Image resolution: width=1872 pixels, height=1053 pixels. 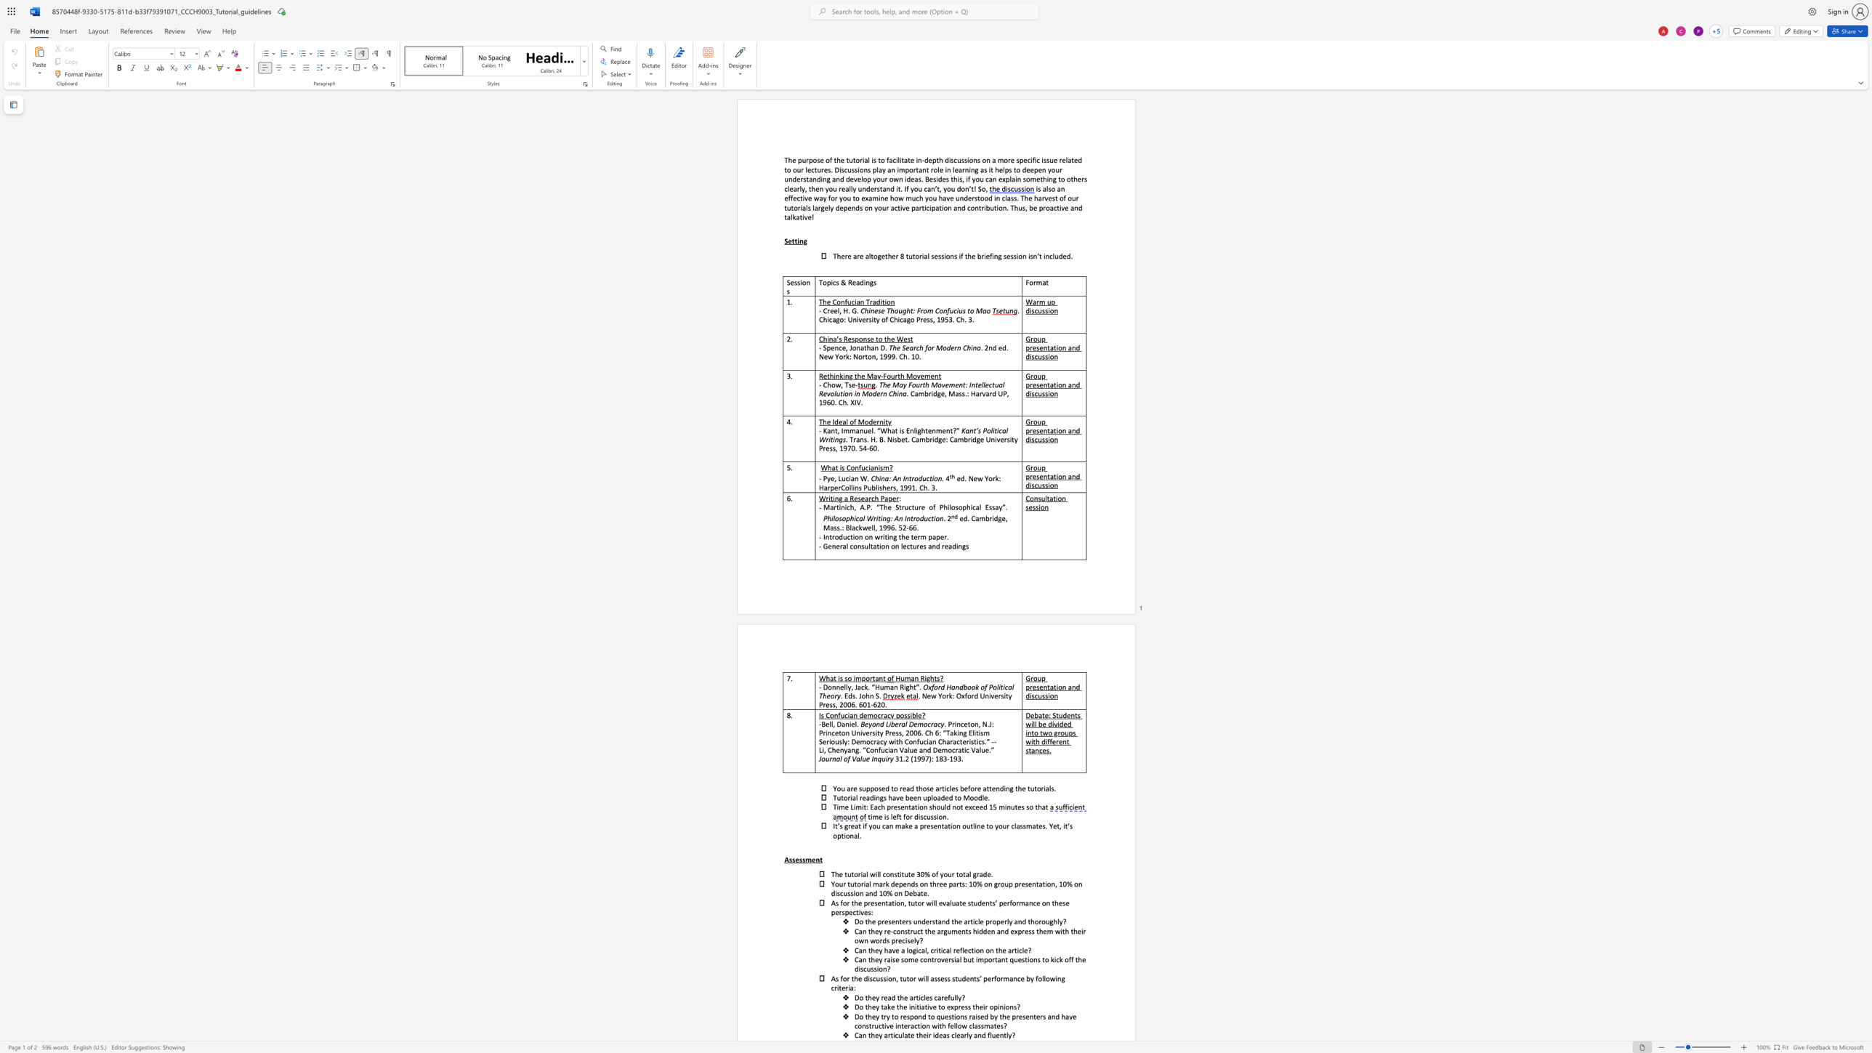 I want to click on the space between the continuous character "l" and "e" in the text, so click(x=940, y=169).